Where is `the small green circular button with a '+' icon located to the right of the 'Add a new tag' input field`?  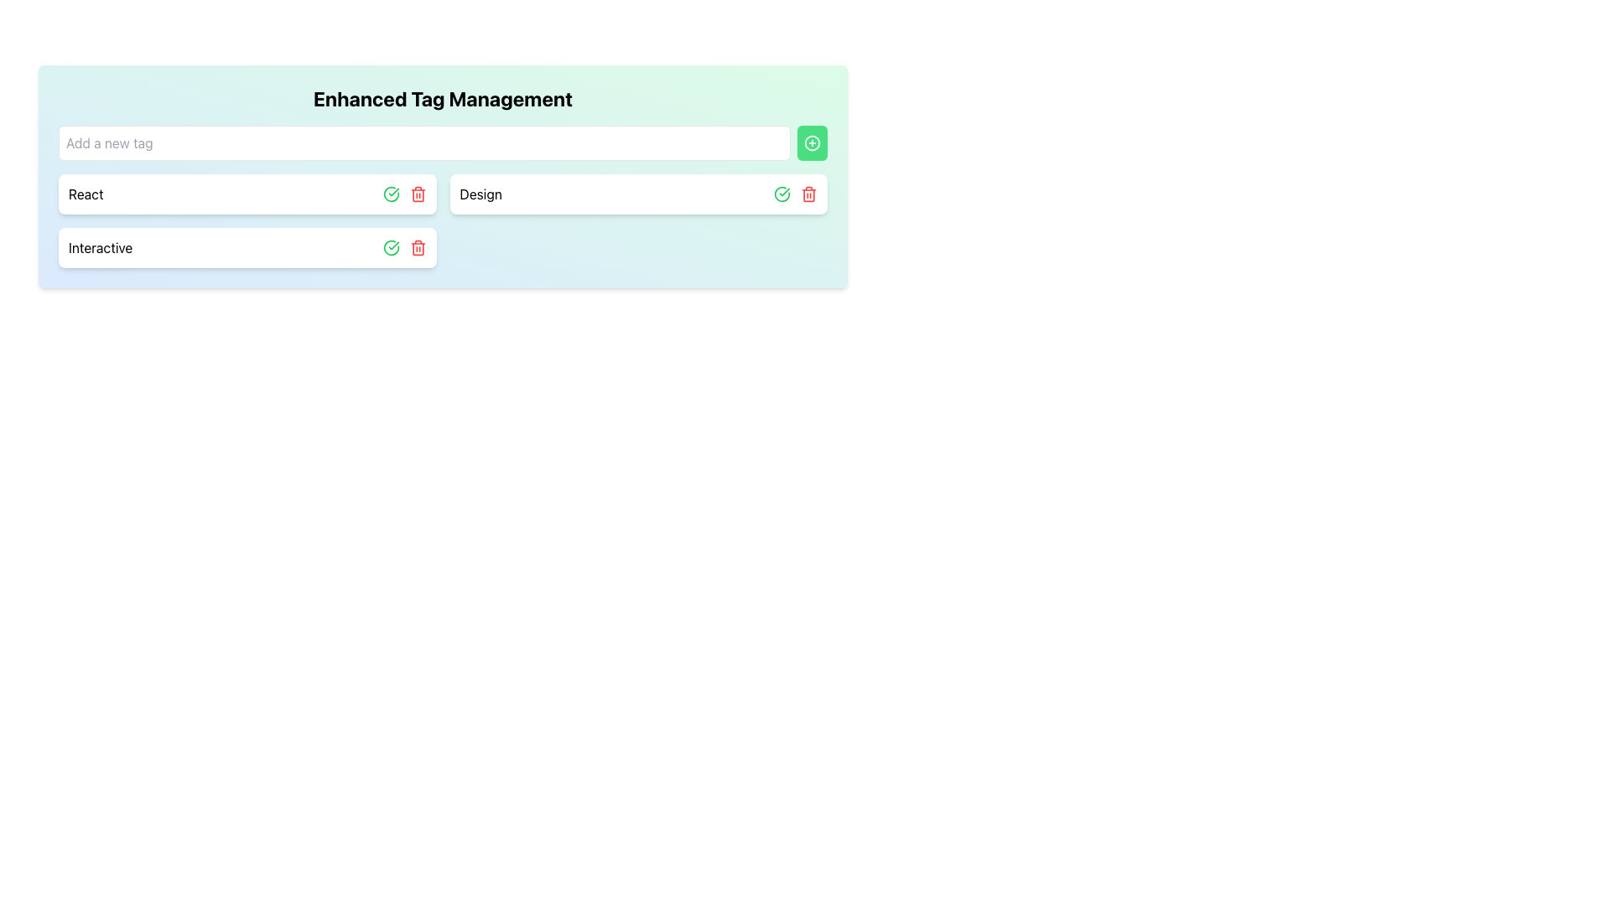
the small green circular button with a '+' icon located to the right of the 'Add a new tag' input field is located at coordinates (813, 142).